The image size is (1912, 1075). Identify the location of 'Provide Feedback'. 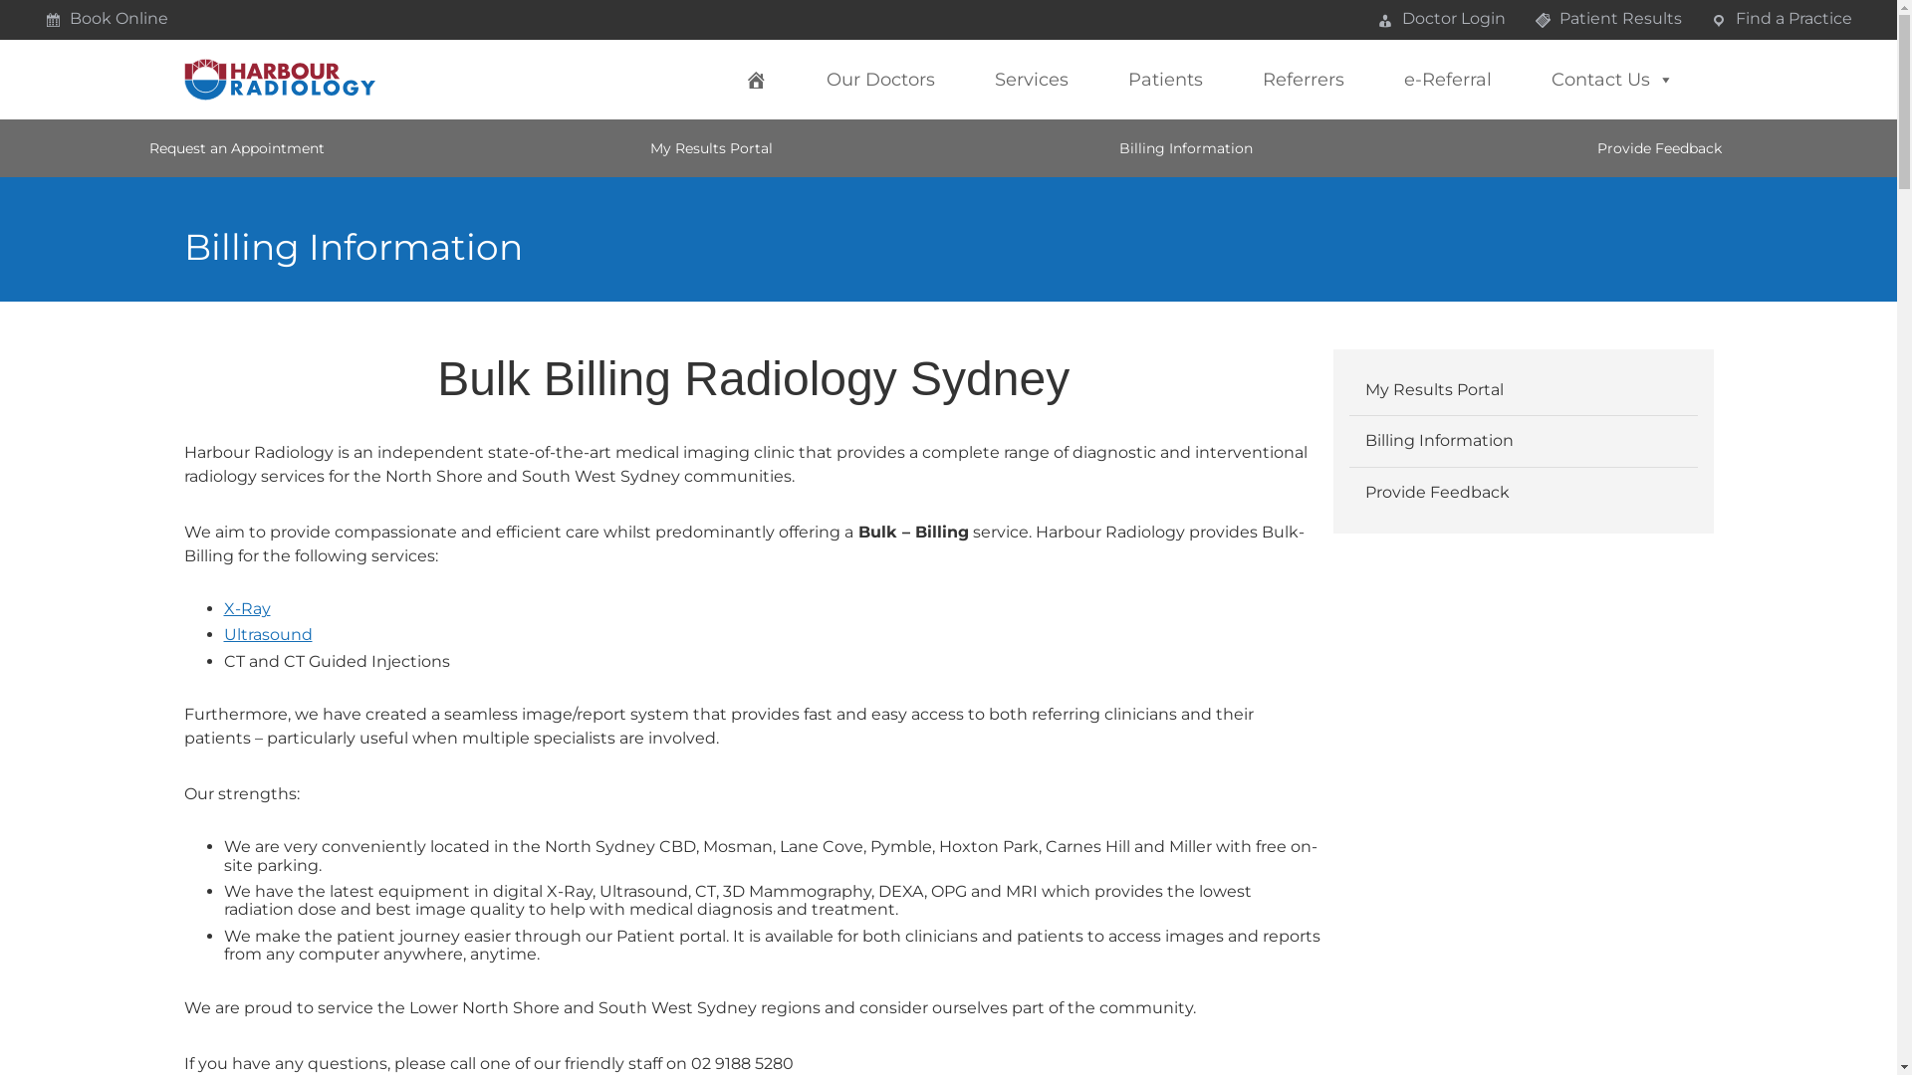
(1523, 492).